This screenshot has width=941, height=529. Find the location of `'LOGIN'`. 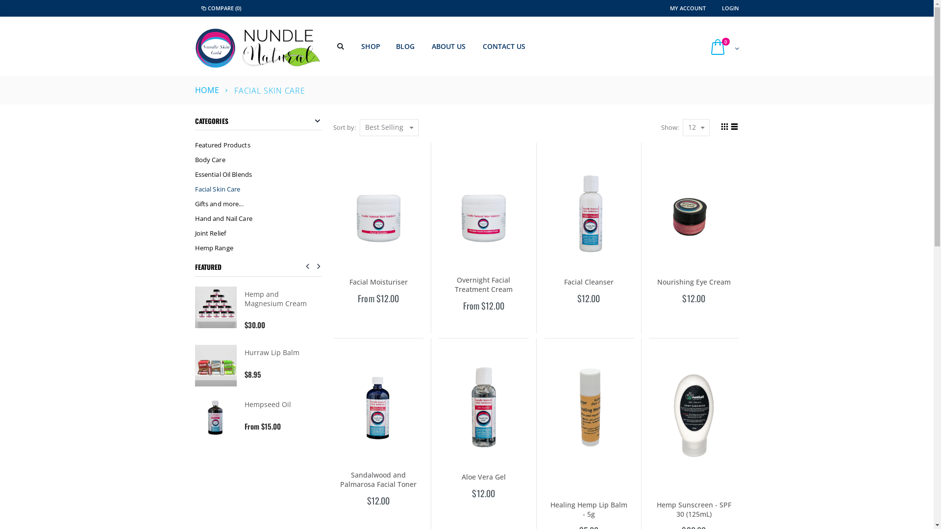

'LOGIN' is located at coordinates (730, 8).